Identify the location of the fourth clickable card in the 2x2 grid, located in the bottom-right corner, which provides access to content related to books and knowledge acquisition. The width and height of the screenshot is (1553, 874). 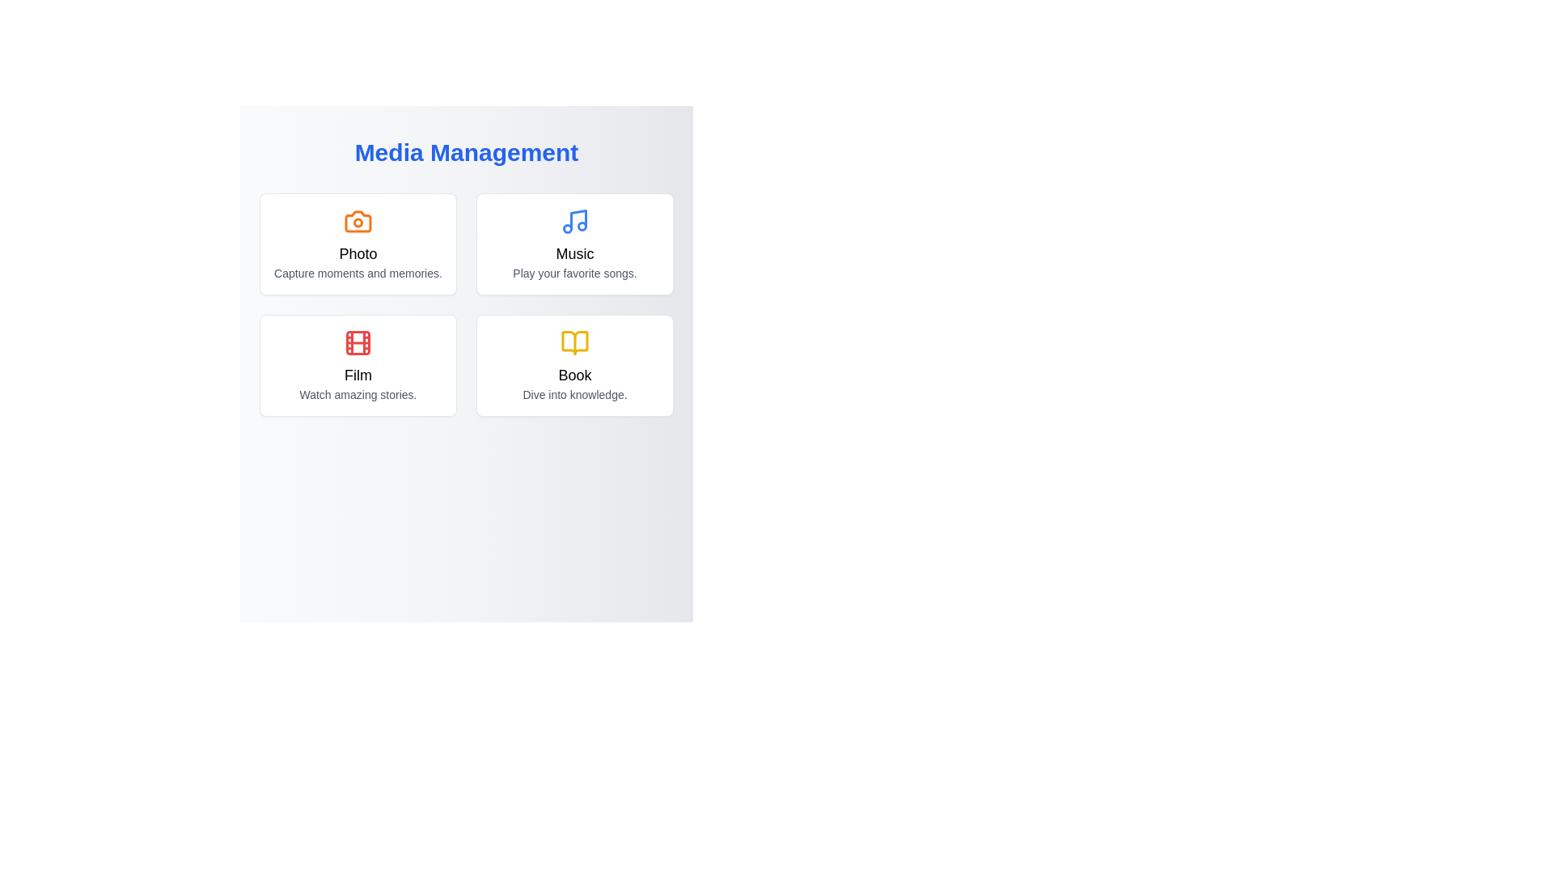
(574, 365).